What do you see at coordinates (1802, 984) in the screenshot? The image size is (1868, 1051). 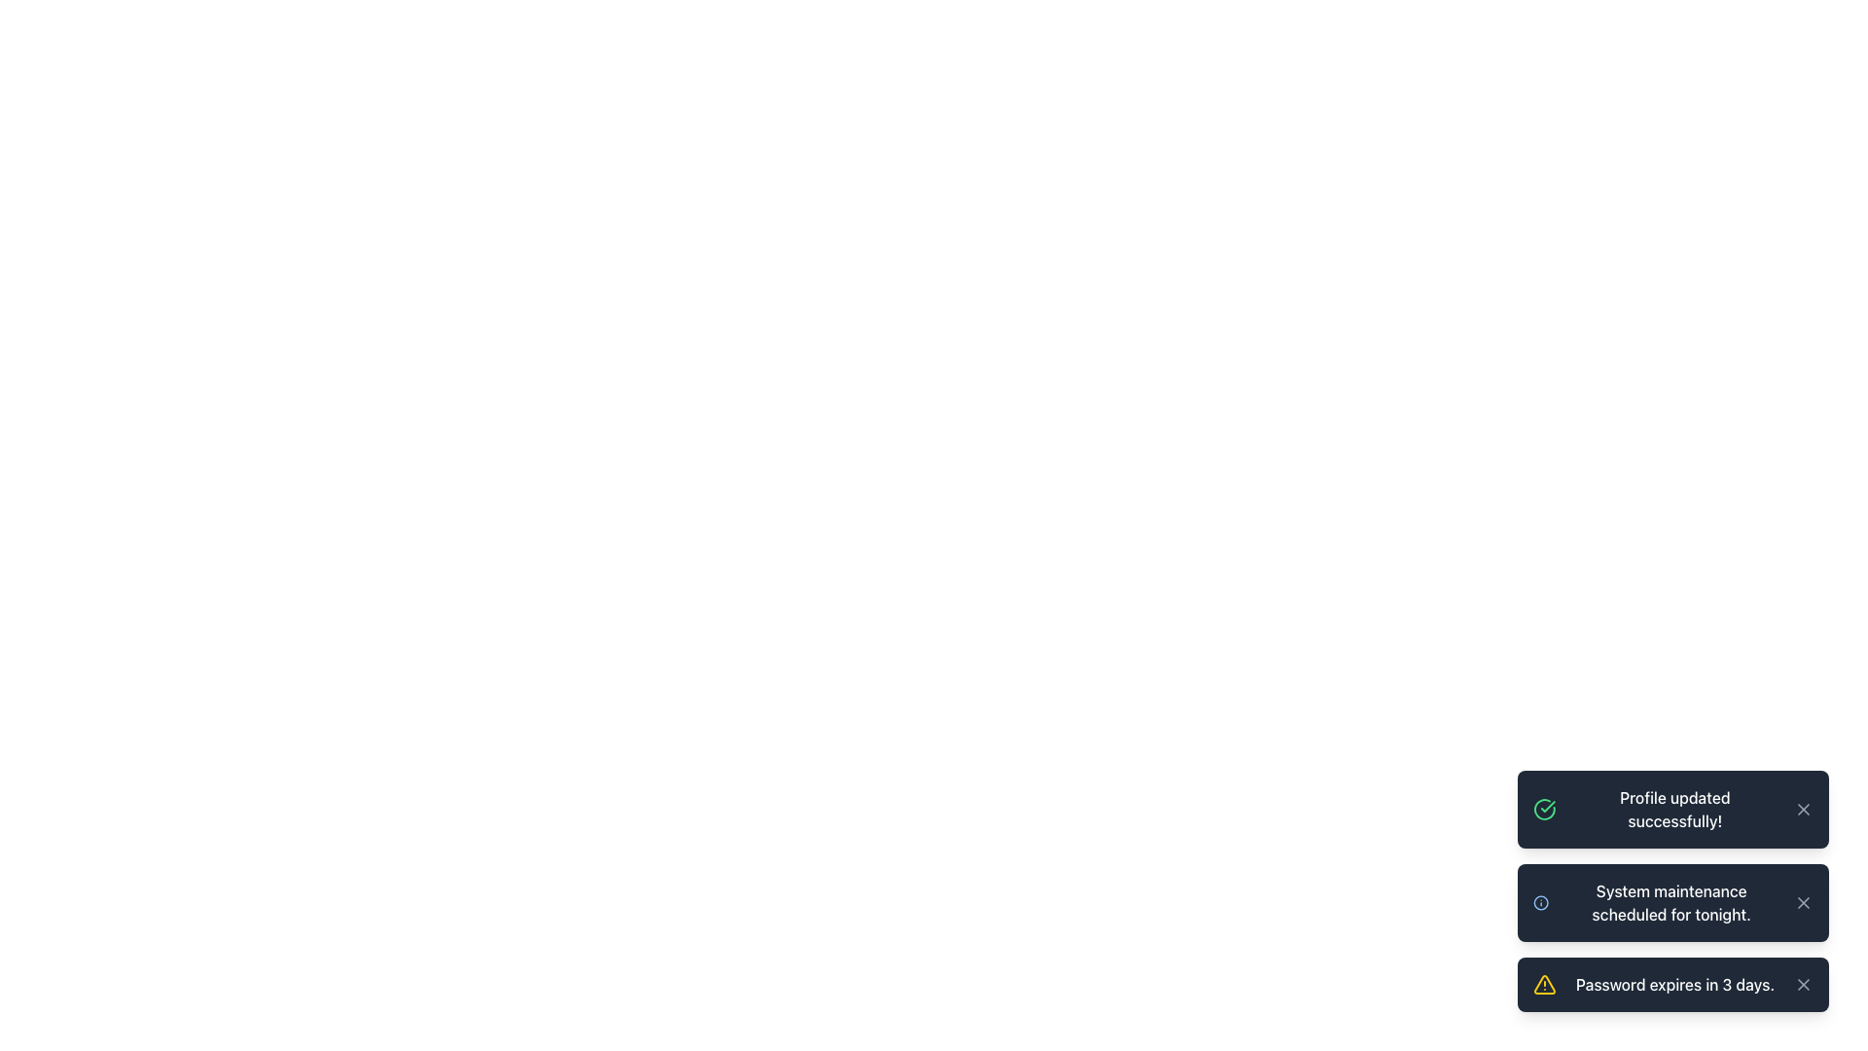 I see `the close button represented by an 'X' icon on the far right of the notification banner to change its color to red` at bounding box center [1802, 984].